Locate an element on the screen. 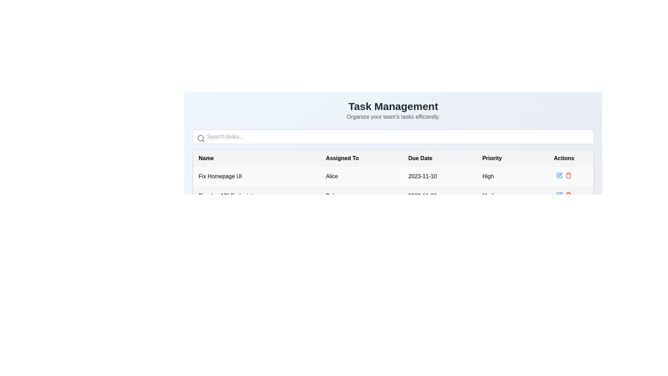 The image size is (668, 376). the edit icon button for the task 'Fix Homepage UI' to initiate editing the task details is located at coordinates (559, 175).